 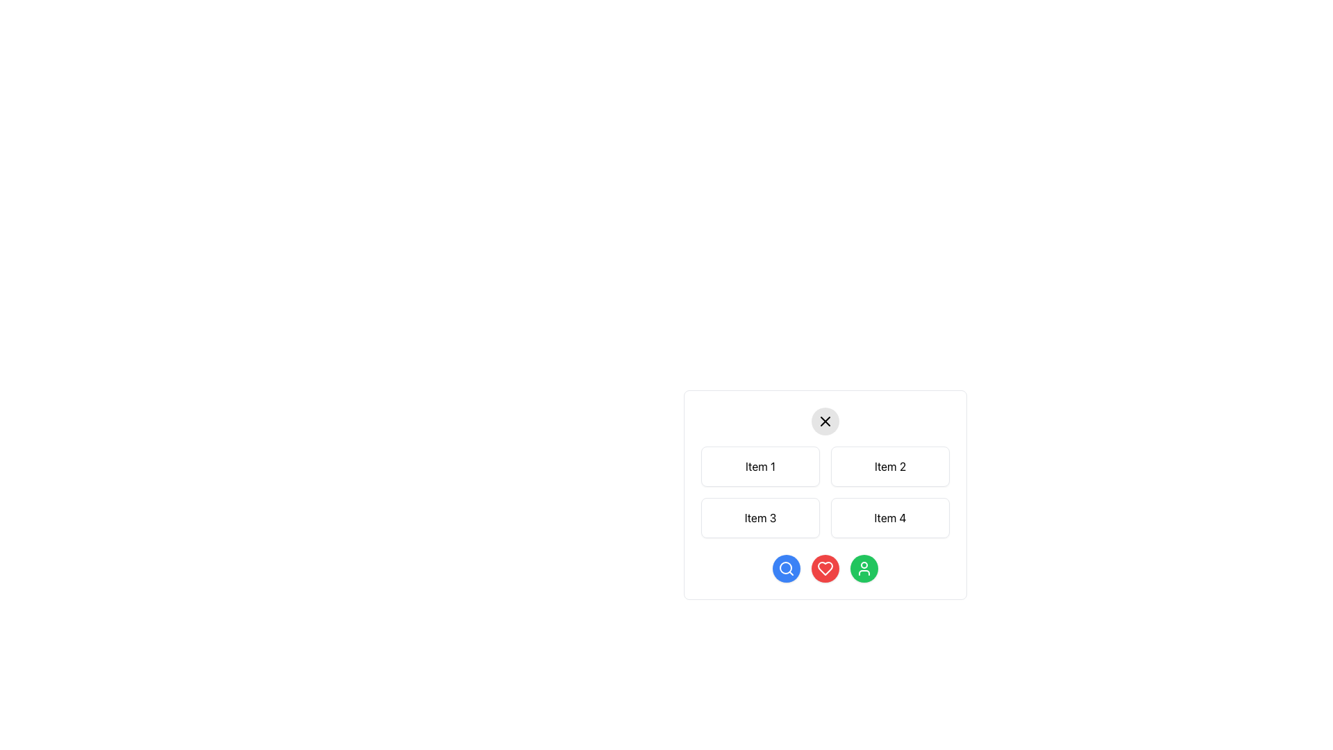 I want to click on the Close Icon, which is a small 'X' shaped icon centered within a circular button located at the top center of the interface, so click(x=825, y=420).